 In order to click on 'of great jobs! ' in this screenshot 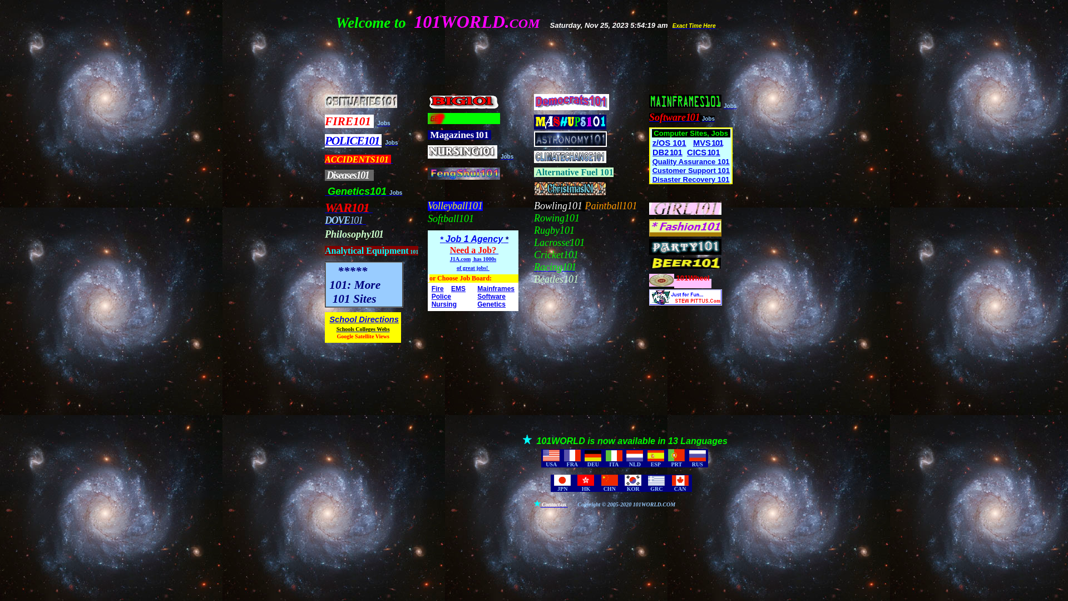, I will do `click(456, 268)`.